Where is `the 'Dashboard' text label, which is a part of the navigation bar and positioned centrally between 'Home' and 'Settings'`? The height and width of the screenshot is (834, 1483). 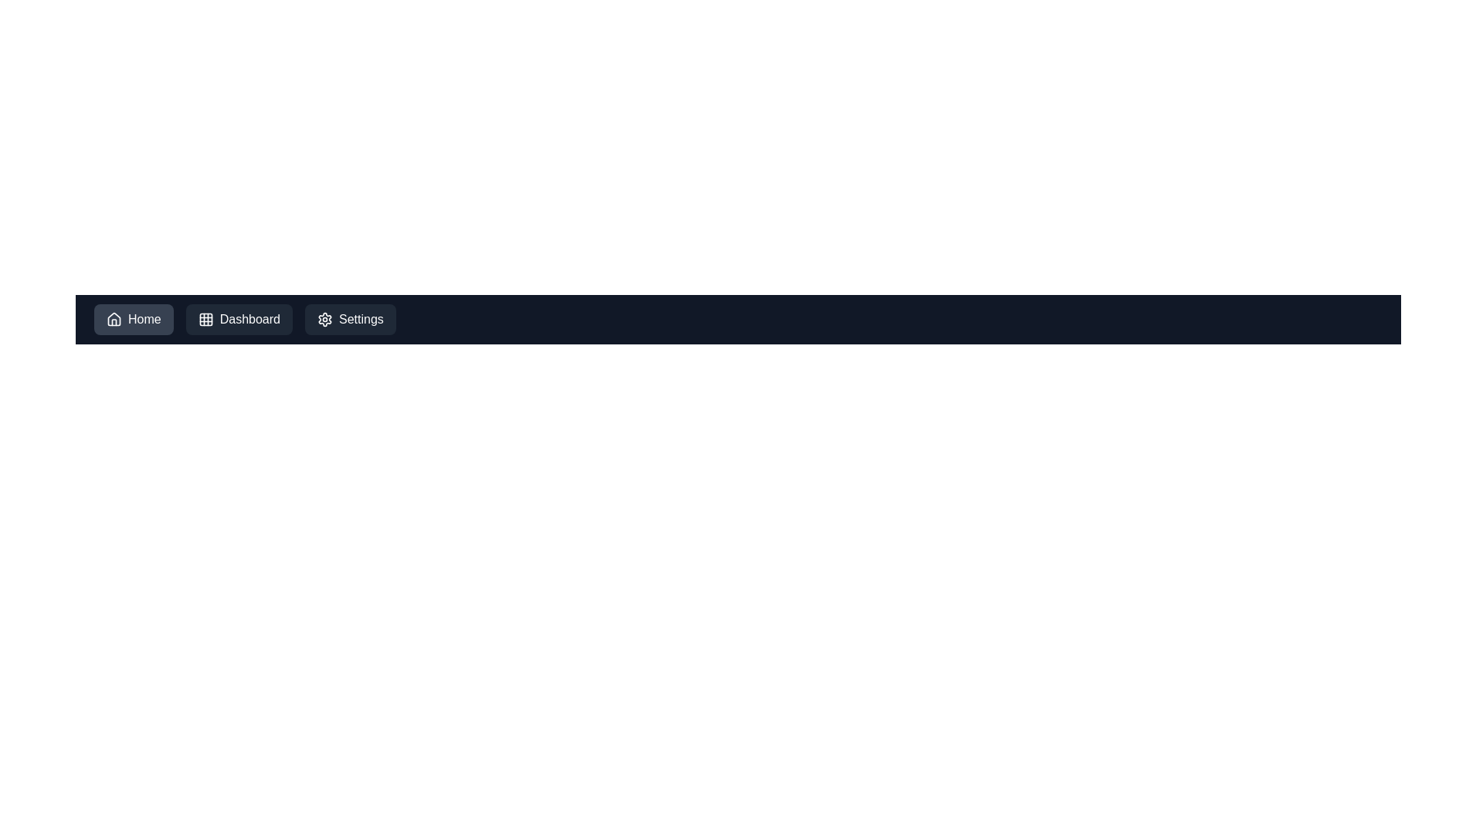 the 'Dashboard' text label, which is a part of the navigation bar and positioned centrally between 'Home' and 'Settings' is located at coordinates (249, 318).